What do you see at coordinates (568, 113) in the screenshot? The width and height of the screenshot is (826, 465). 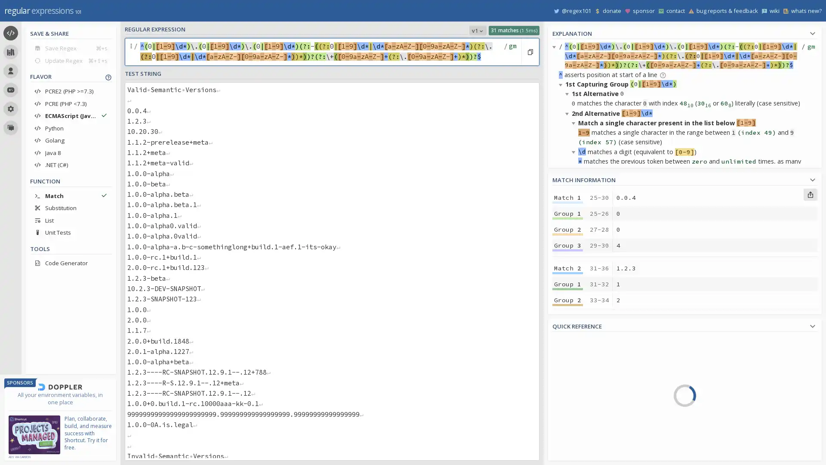 I see `Collapse Subtree` at bounding box center [568, 113].